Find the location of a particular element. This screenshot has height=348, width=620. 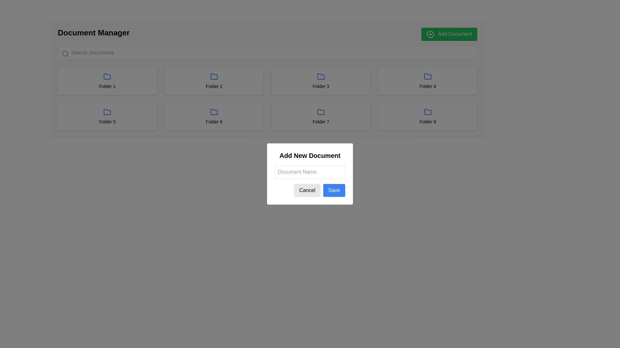

the text label displaying 'Folder 7', which is located below the blue folder icon in the seventh card of a grid formation is located at coordinates (321, 121).